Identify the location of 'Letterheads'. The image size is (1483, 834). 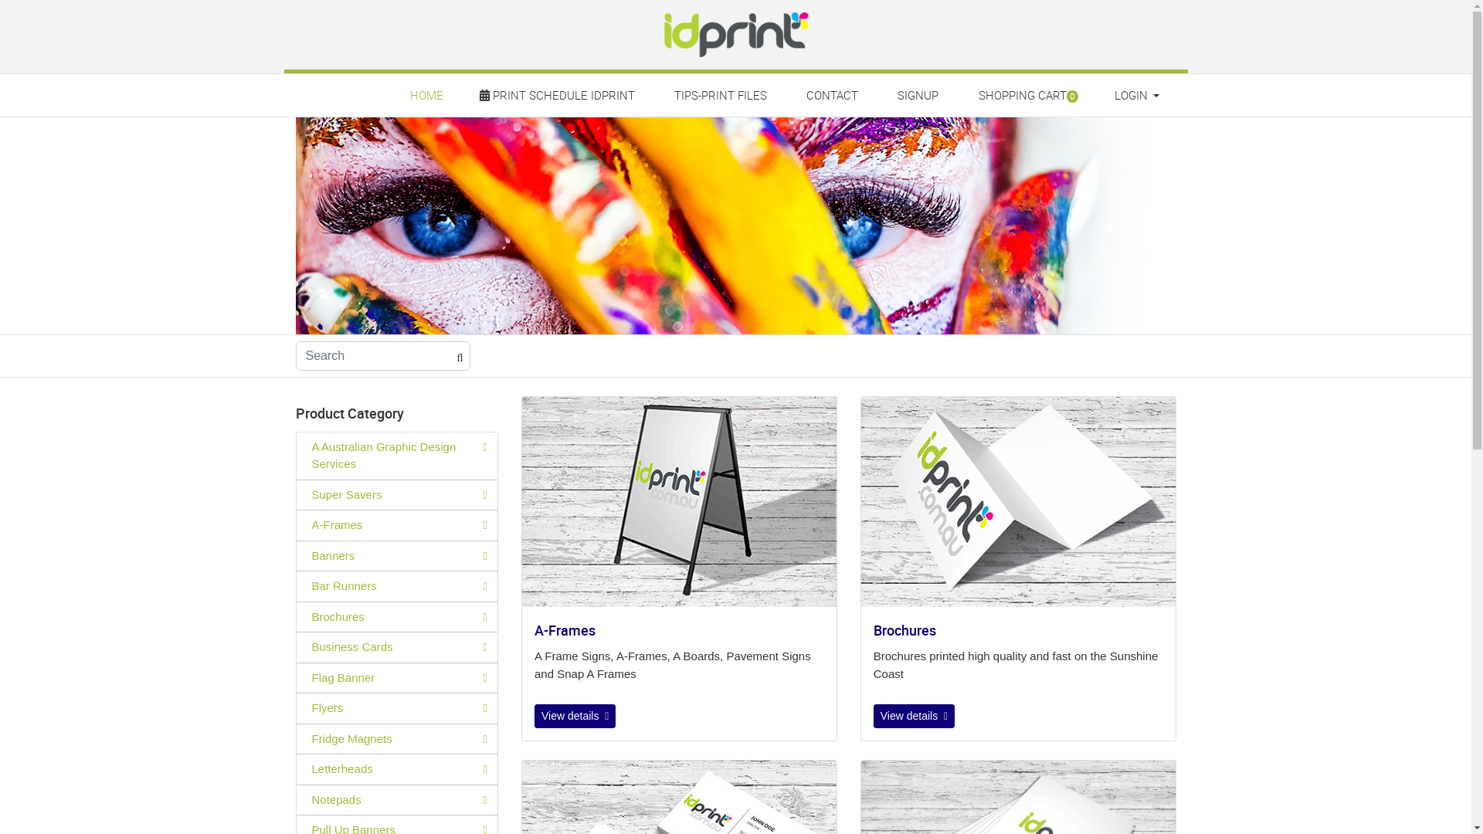
(397, 769).